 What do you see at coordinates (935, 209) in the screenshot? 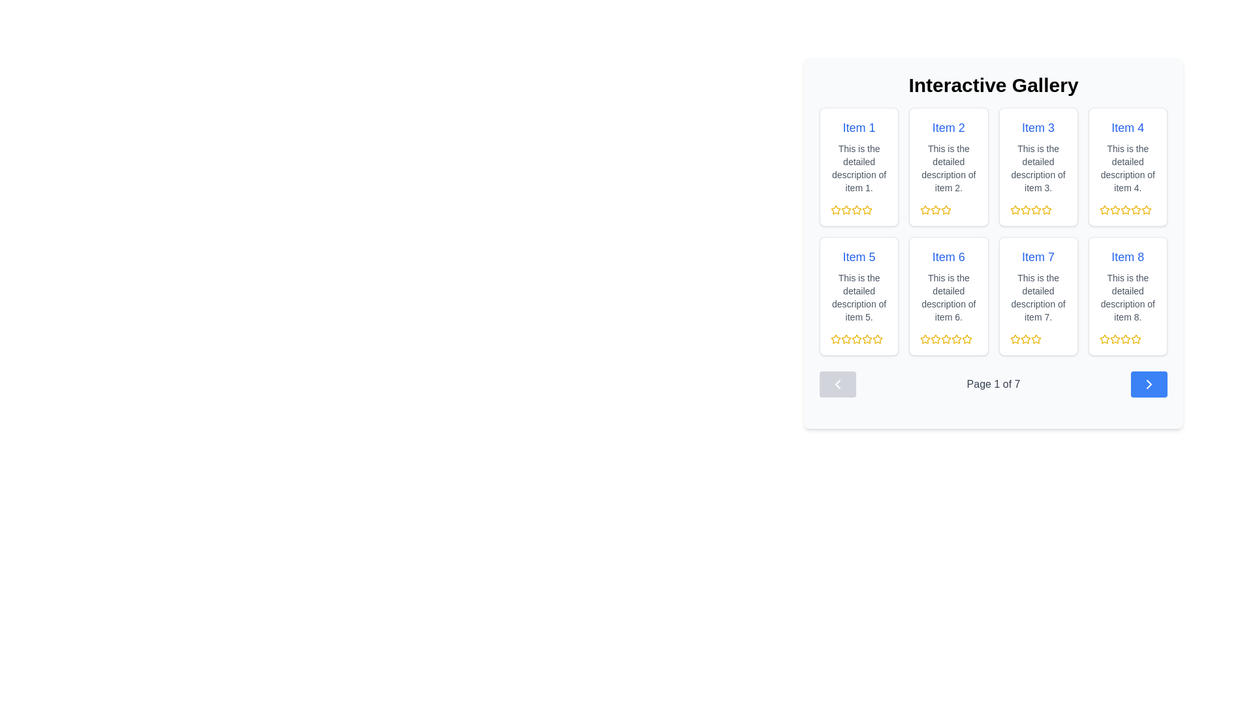
I see `the second yellow outlined star in the rating system under 'Item 2' in the 'Interactive Gallery' interface` at bounding box center [935, 209].